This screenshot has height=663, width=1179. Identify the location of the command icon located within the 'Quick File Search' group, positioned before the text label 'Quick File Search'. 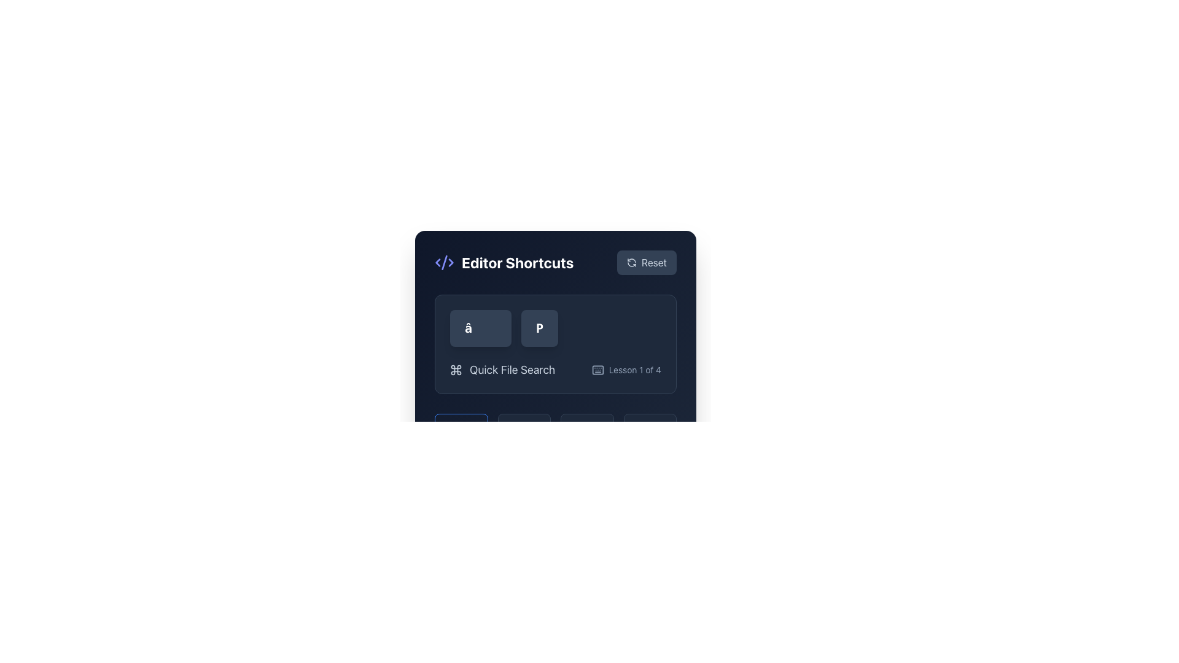
(456, 369).